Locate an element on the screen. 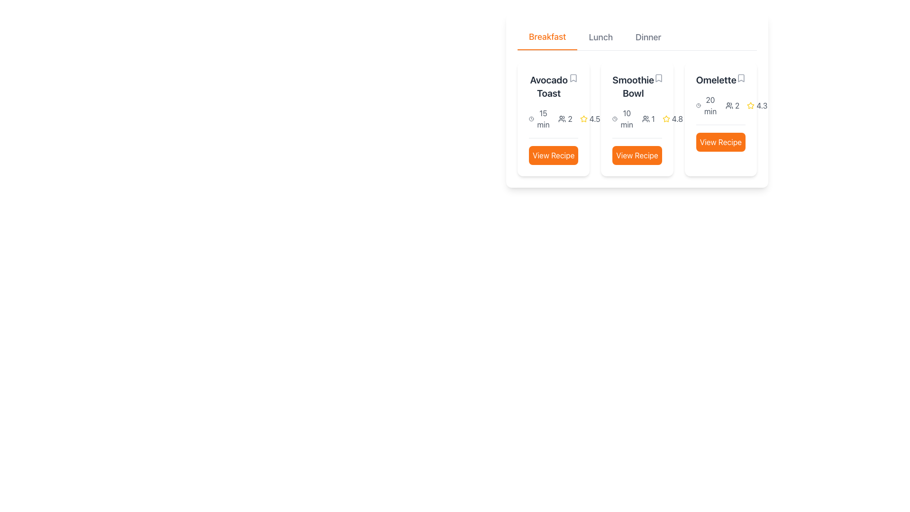  the filled star icon representing the rating value of '4.3' located in the rightmost column of the Omelette card, positioned slightly above the 'View Recipe' button is located at coordinates (750, 106).